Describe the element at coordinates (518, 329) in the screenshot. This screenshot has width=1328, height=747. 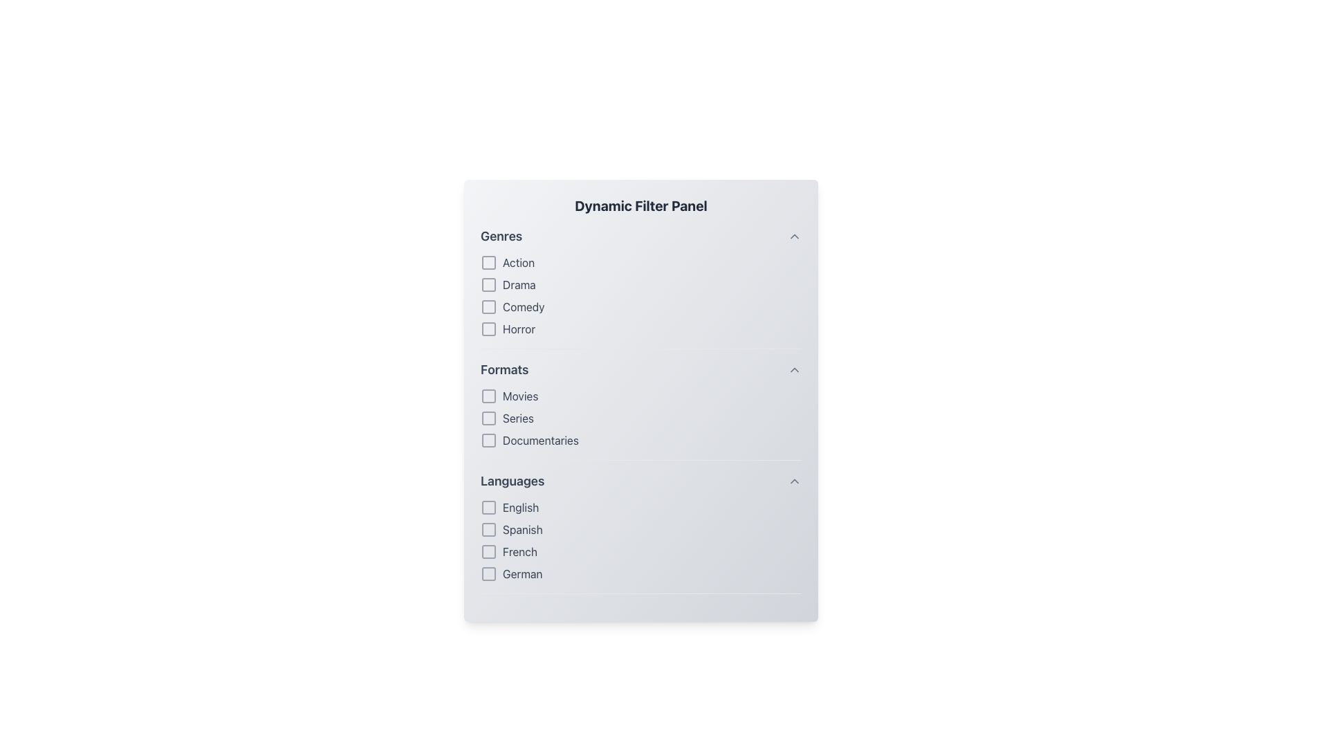
I see `the 'Horror' label in the 'Genres' section of the 'Dynamic Filter Panel', which is the fourth item under the heading, positioned horizontally with its checkbox` at that location.